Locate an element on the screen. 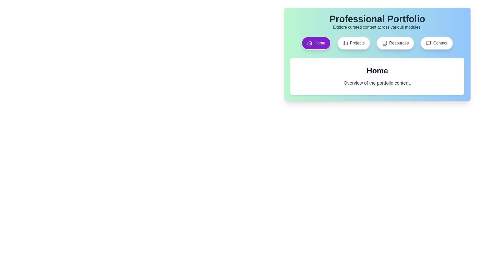 This screenshot has height=276, width=491. the Projects tab to see the hover effect is located at coordinates (353, 43).